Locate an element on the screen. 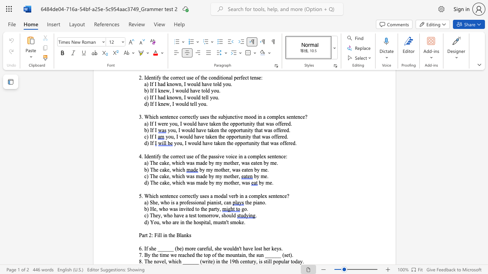  the subset text "y." within the text "8. The novel, which ______ (write) in the 19th century, is still popular today." is located at coordinates (299, 261).